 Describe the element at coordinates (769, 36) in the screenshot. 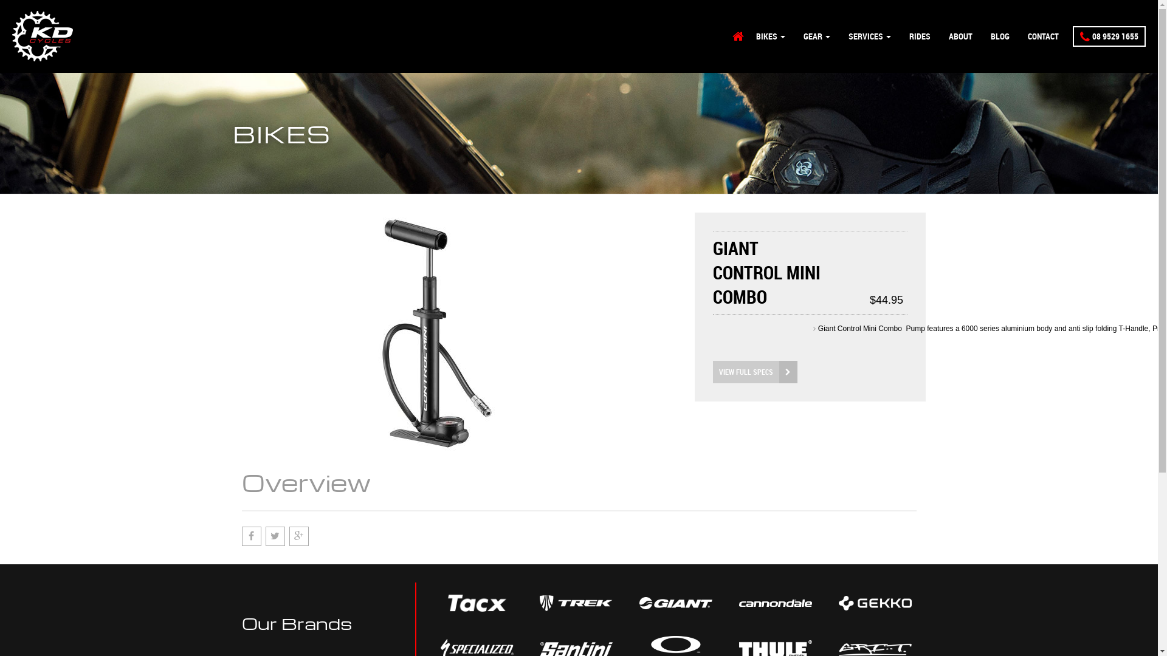

I see `'BIKES'` at that location.